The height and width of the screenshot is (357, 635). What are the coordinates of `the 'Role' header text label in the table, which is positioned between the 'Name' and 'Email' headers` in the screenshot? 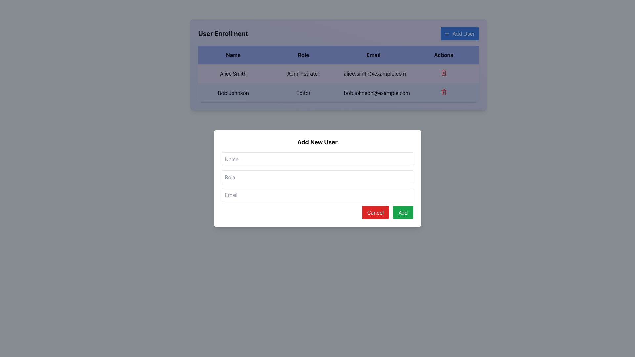 It's located at (303, 54).